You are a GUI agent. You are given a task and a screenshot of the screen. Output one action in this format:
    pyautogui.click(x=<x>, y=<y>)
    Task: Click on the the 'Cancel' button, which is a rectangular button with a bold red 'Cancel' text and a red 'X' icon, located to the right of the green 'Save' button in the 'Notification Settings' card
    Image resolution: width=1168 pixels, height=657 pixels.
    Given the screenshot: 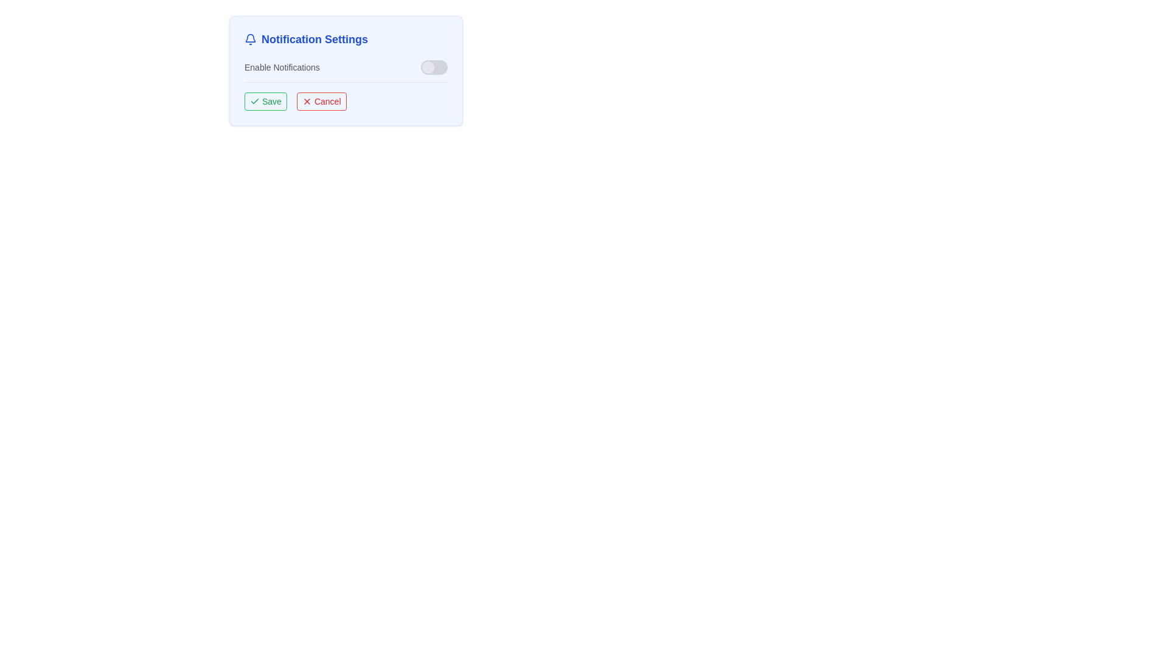 What is the action you would take?
    pyautogui.click(x=327, y=100)
    